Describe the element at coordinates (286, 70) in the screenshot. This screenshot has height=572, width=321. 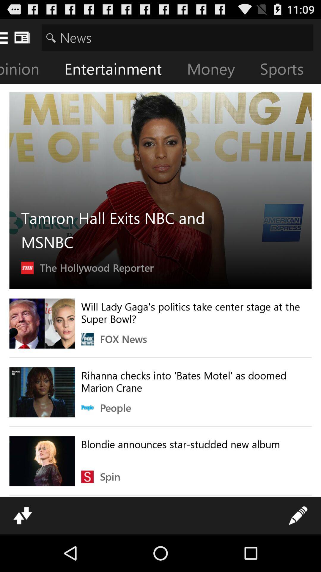
I see `icon to the right of the money item` at that location.